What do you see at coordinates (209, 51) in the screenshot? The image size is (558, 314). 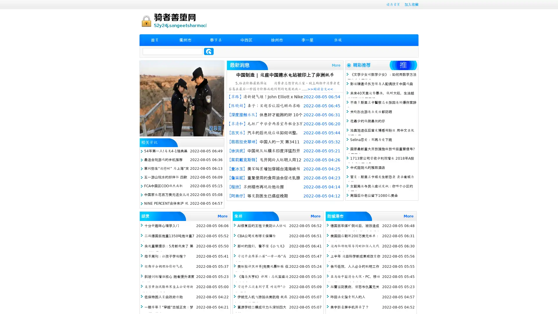 I see `Search` at bounding box center [209, 51].